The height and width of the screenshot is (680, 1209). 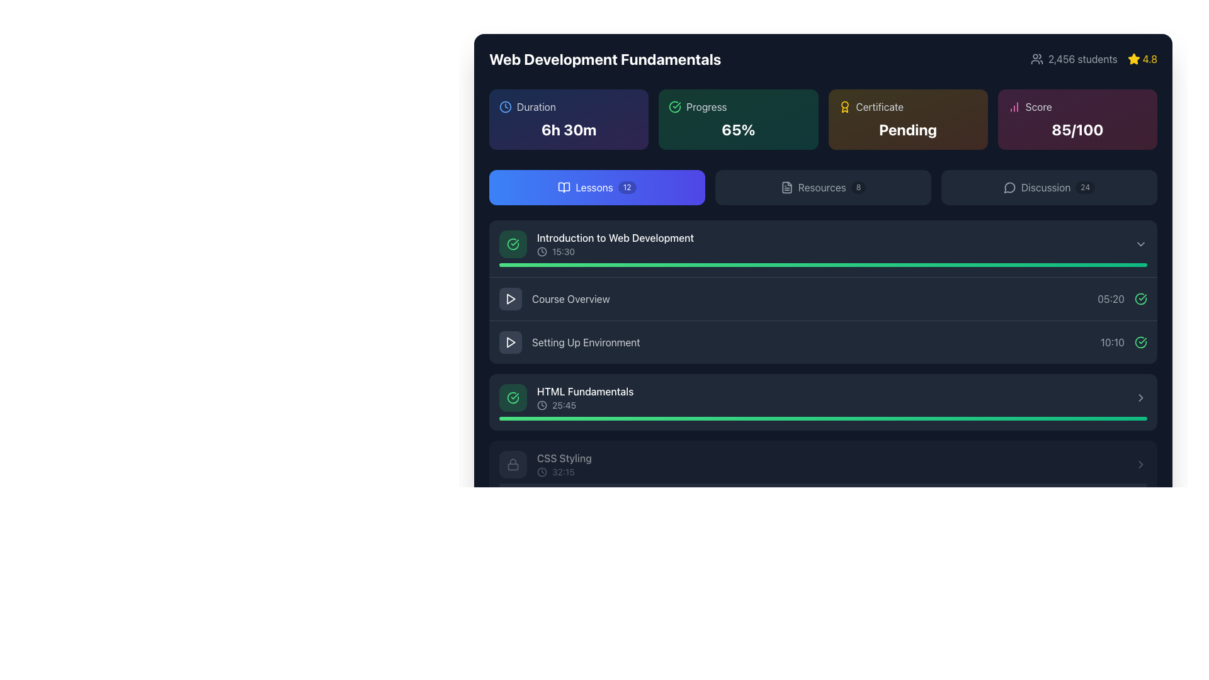 I want to click on the circular button with a dark background and a white play icon, located to the left of the 'Course Overview' text in the course list layout, so click(x=511, y=298).